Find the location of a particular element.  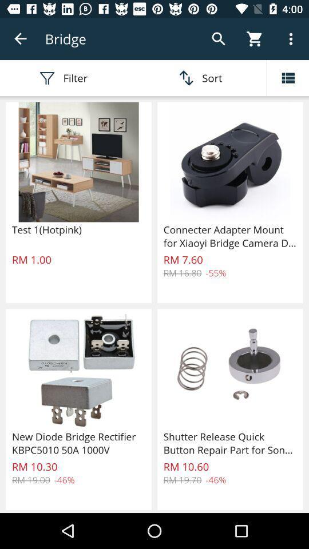

the item next to the bridge is located at coordinates (21, 39).